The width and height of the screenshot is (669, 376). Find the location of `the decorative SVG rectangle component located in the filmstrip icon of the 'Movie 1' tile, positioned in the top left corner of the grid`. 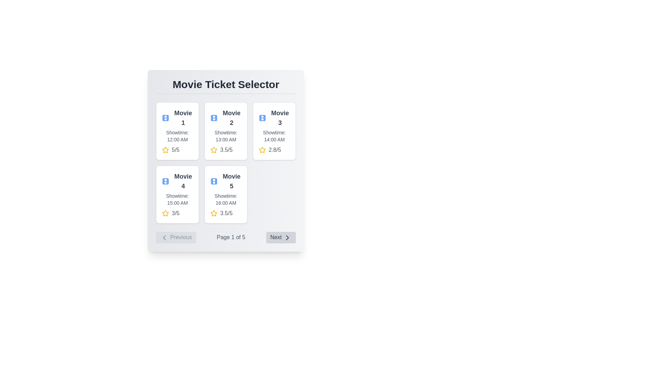

the decorative SVG rectangle component located in the filmstrip icon of the 'Movie 1' tile, positioned in the top left corner of the grid is located at coordinates (214, 181).